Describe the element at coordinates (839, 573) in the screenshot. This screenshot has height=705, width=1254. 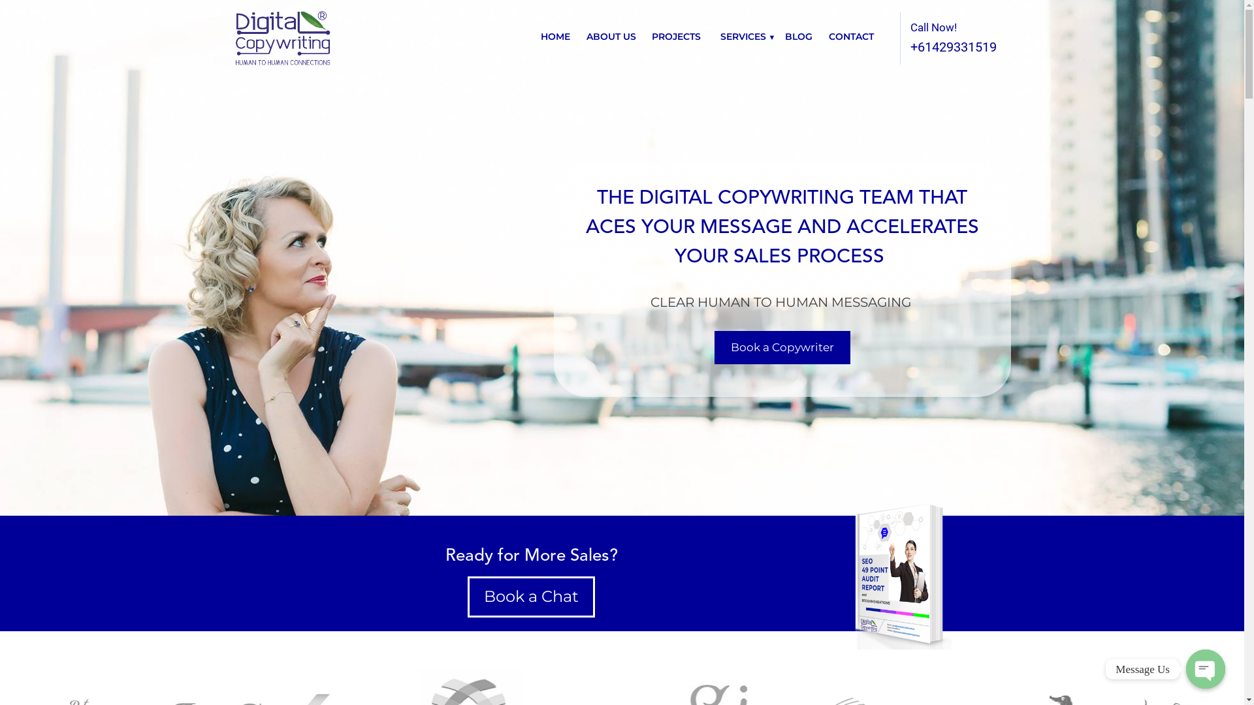
I see `'imgpsh_fullsize_anim'` at that location.